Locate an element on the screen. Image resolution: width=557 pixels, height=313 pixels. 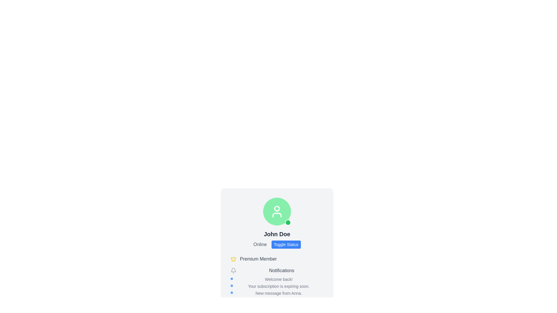
the status indicator badge located at the bottom-right corner of the user profile component is located at coordinates (288, 222).